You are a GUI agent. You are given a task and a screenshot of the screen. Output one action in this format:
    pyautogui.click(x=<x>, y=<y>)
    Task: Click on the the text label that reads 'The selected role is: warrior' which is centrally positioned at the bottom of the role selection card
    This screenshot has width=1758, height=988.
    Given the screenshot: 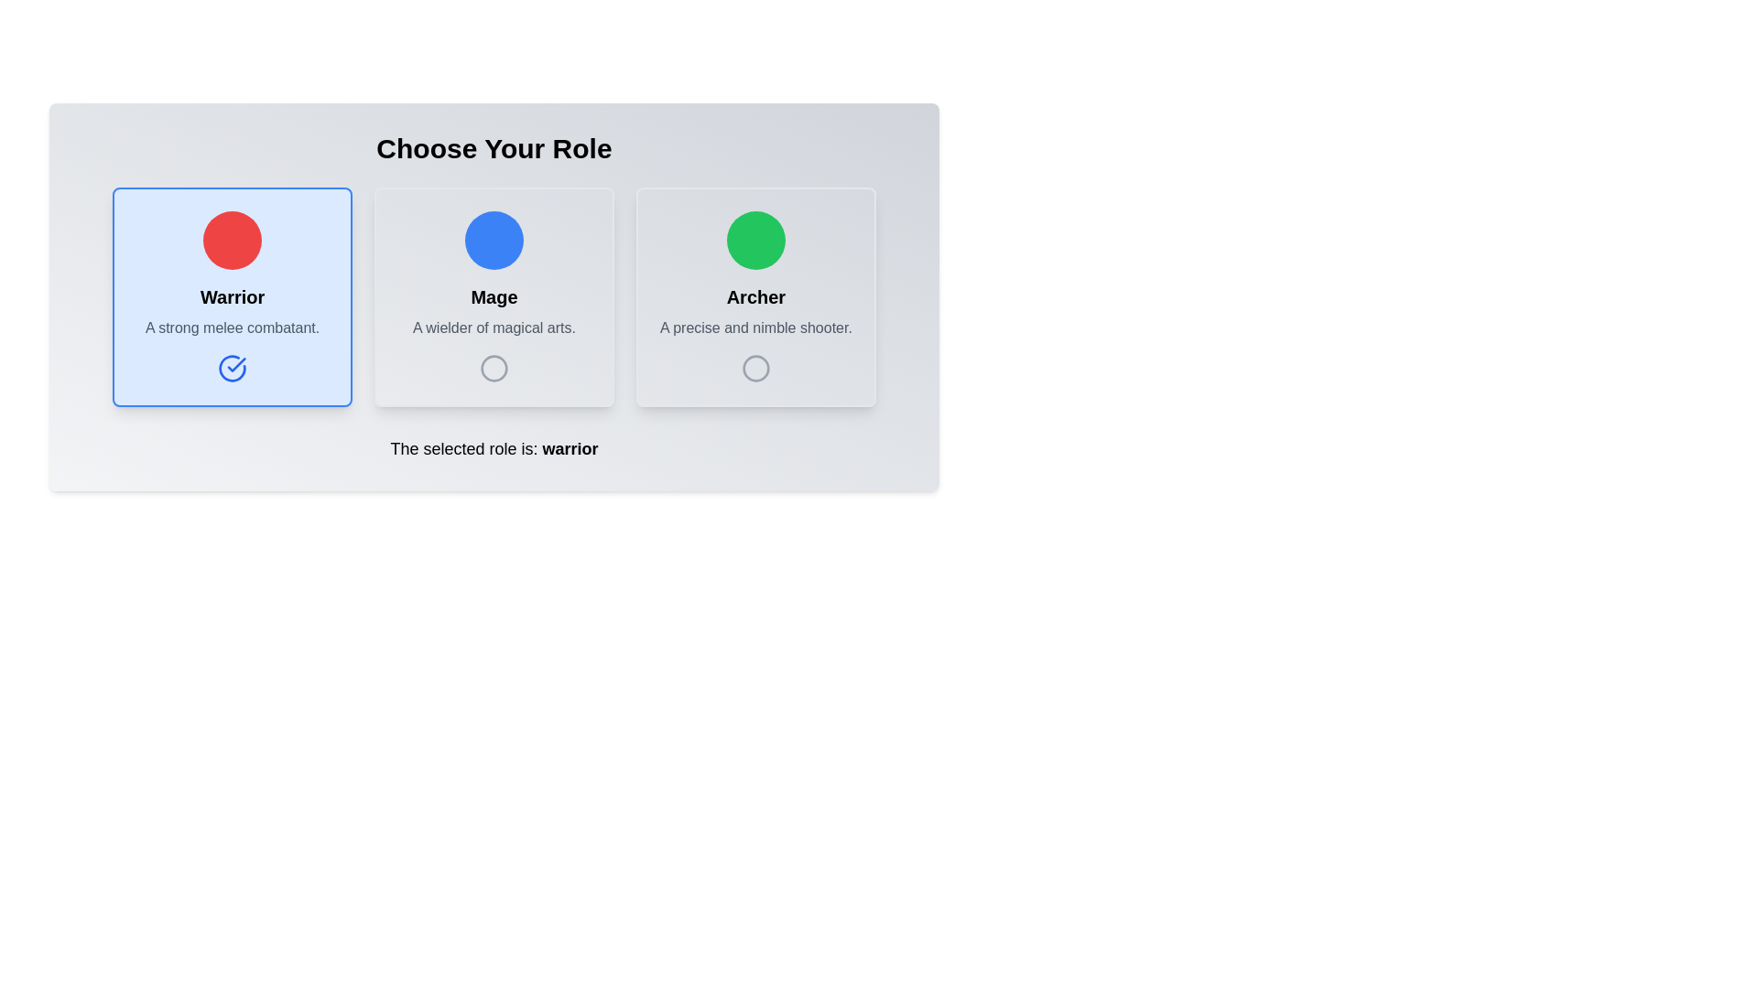 What is the action you would take?
    pyautogui.click(x=494, y=448)
    